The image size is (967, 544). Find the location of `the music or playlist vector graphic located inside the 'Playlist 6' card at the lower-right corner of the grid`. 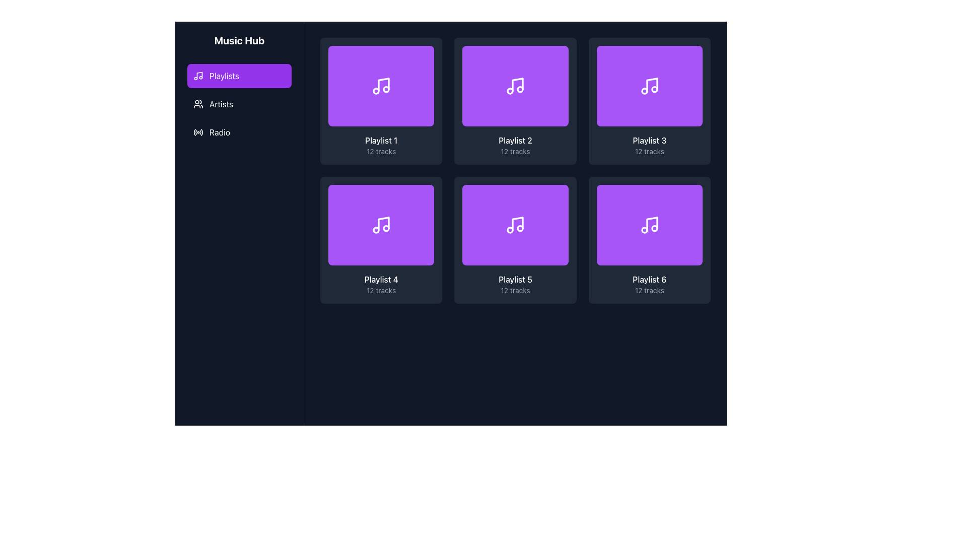

the music or playlist vector graphic located inside the 'Playlist 6' card at the lower-right corner of the grid is located at coordinates (652, 223).